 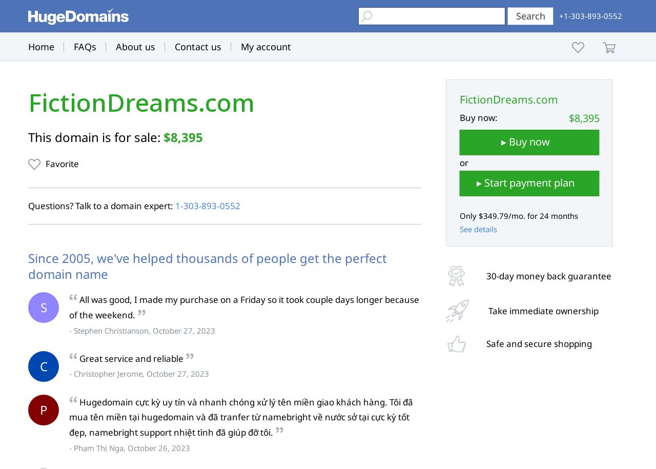 I want to click on '1‑303‑893‑0552', so click(x=207, y=205).